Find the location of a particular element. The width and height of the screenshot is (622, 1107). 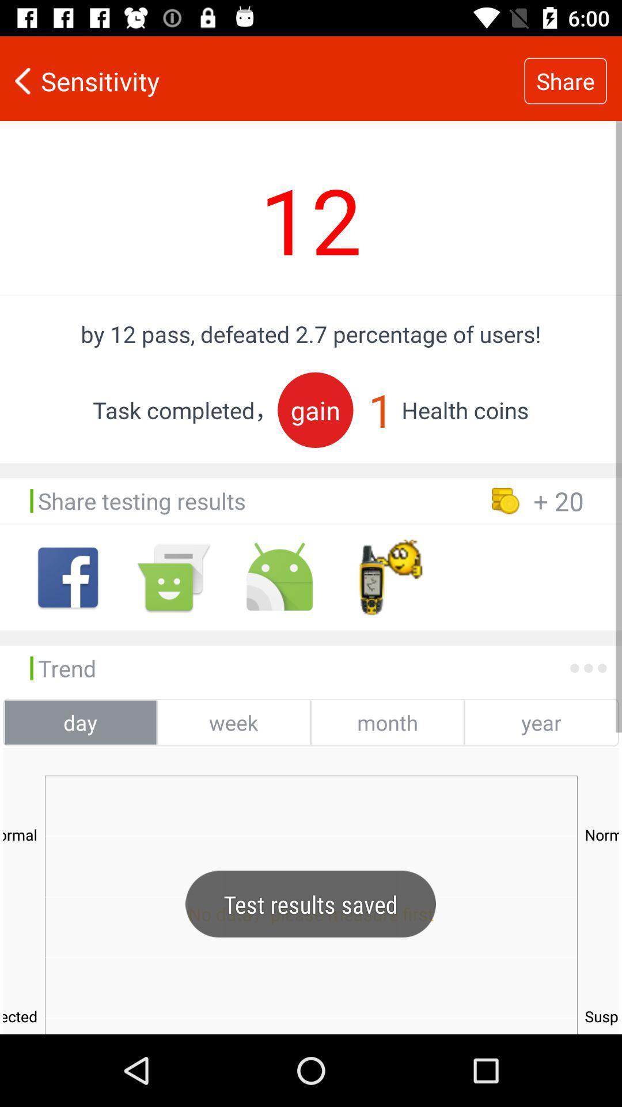

shows smile icon is located at coordinates (173, 577).